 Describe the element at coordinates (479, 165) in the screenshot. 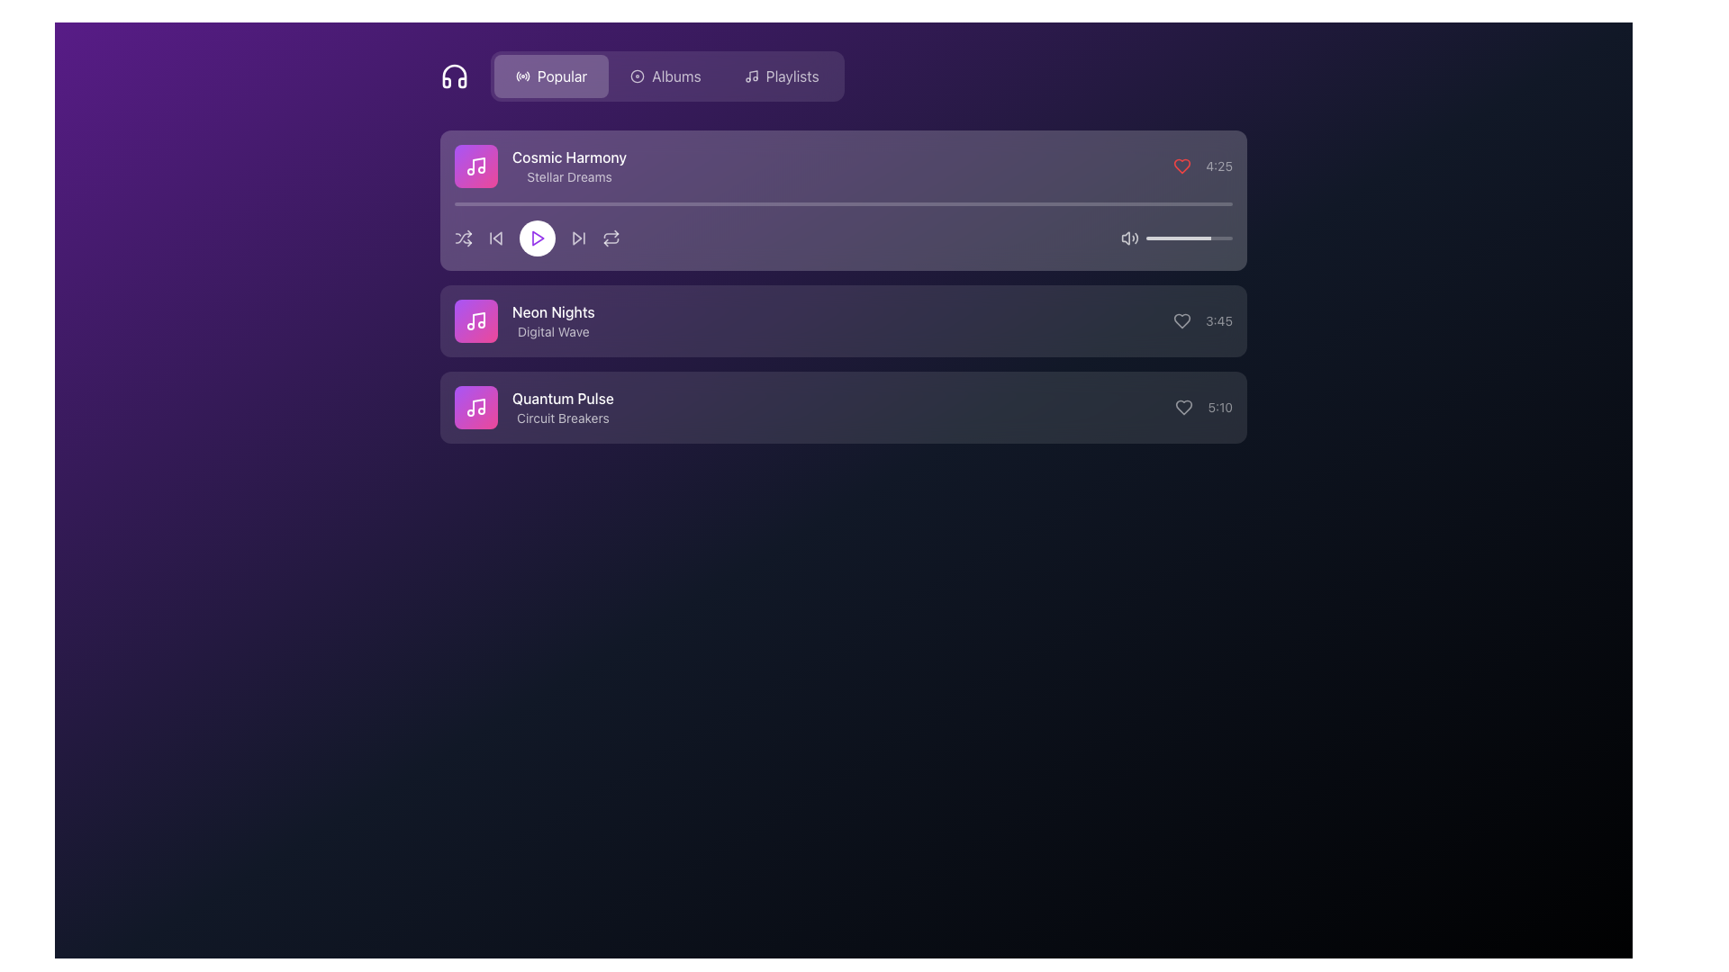

I see `the simplified music note icon rendered in white, positioned within the left portion of the purple Cosmic Harmony list item card` at that location.